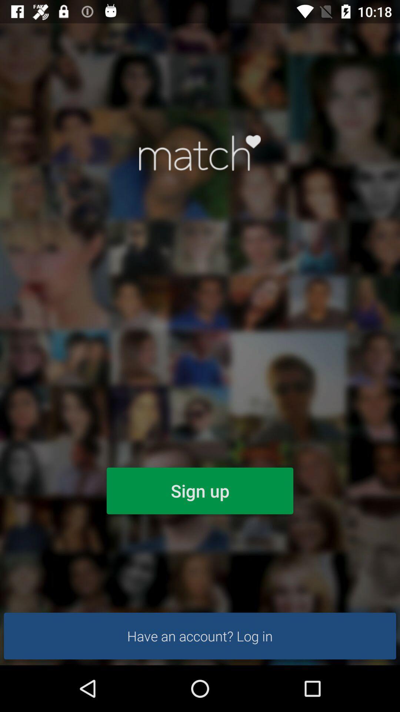 Image resolution: width=400 pixels, height=712 pixels. What do you see at coordinates (200, 152) in the screenshot?
I see `login` at bounding box center [200, 152].